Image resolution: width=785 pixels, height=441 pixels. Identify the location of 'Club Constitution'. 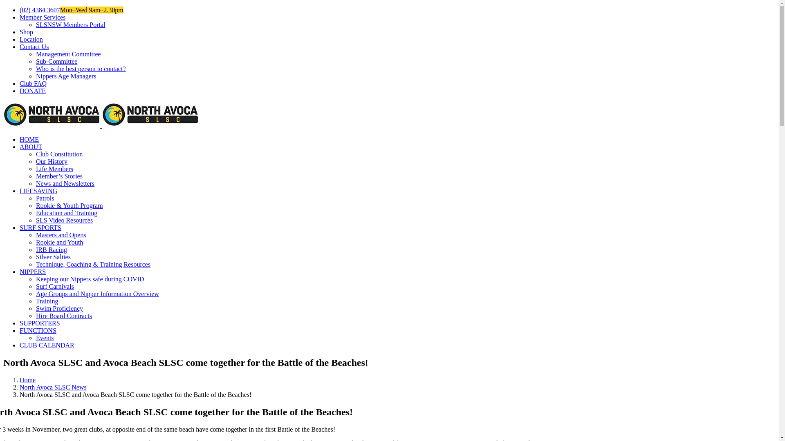
(35, 154).